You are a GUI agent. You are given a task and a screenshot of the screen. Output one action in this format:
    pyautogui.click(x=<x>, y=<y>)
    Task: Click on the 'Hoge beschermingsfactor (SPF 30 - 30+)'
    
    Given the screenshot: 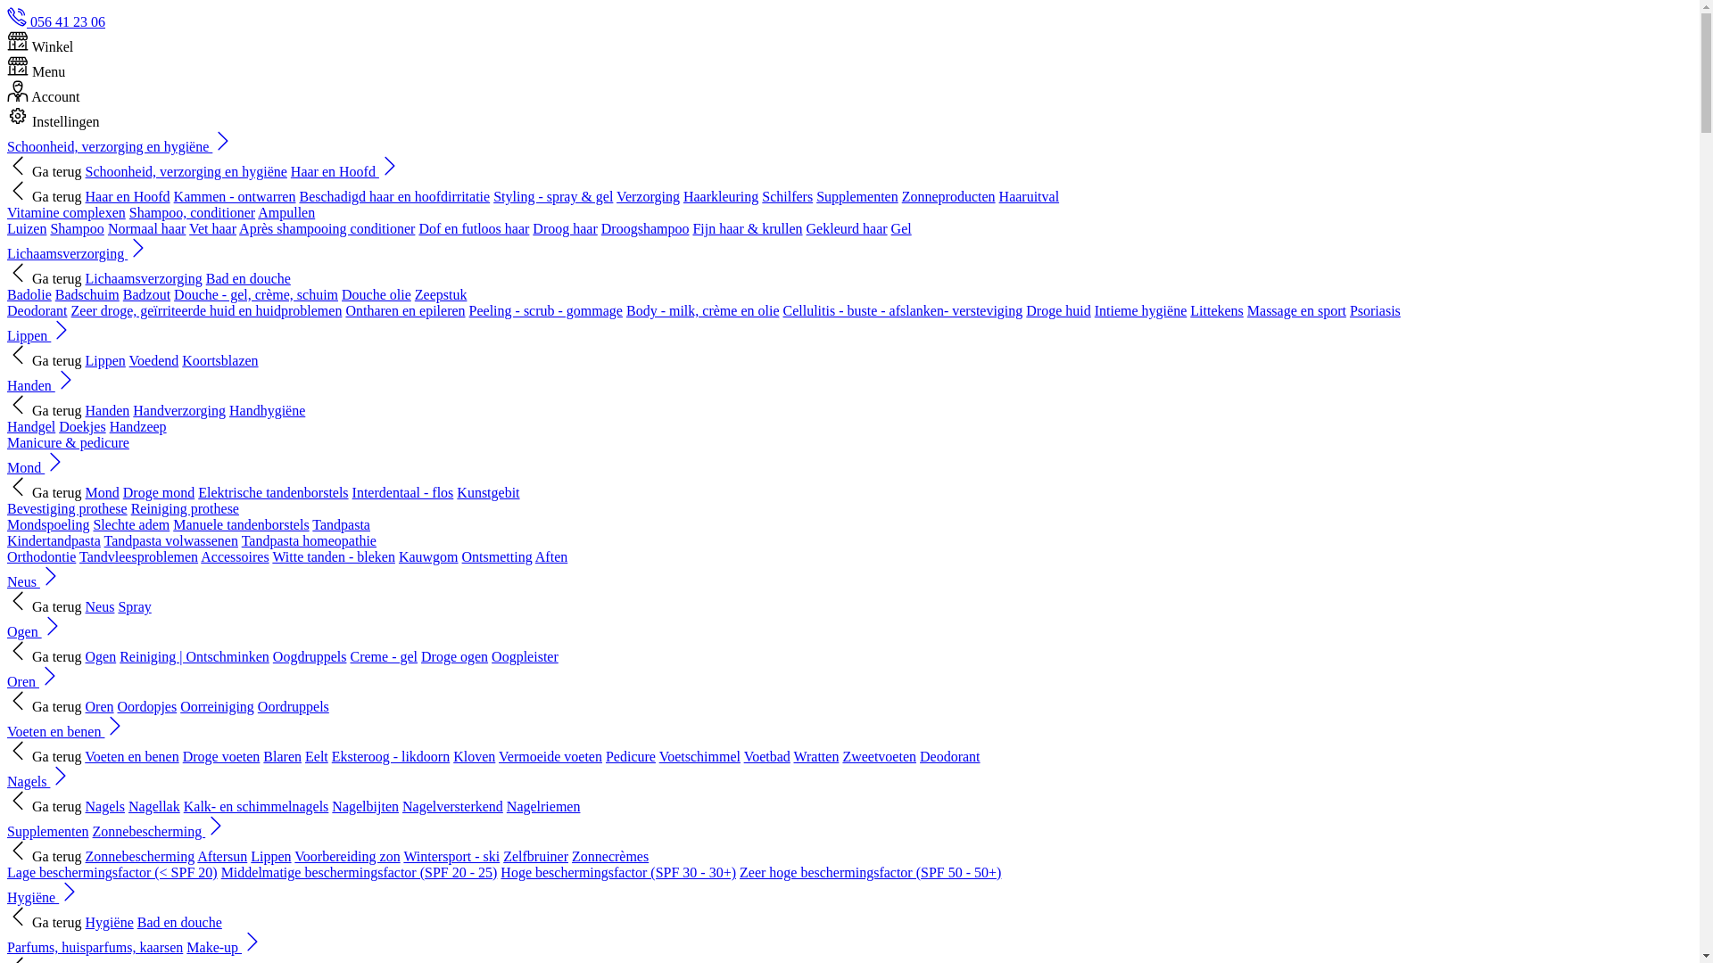 What is the action you would take?
    pyautogui.click(x=617, y=871)
    